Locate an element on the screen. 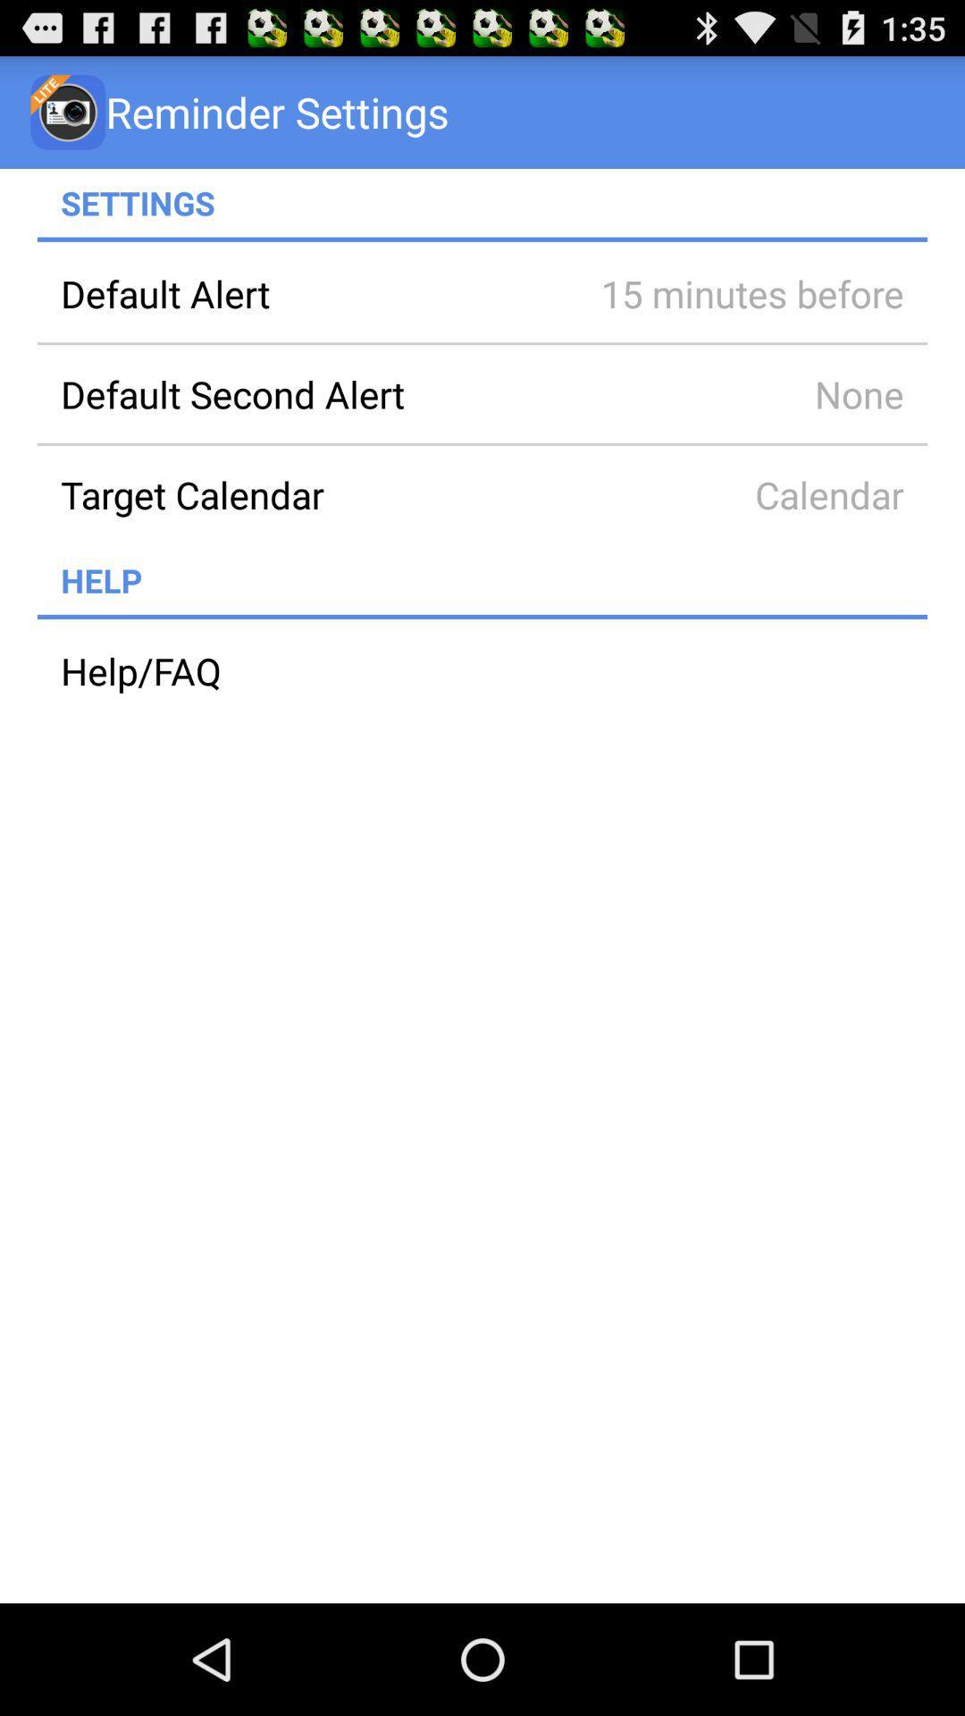  item to the left of calendar icon is located at coordinates (306, 494).